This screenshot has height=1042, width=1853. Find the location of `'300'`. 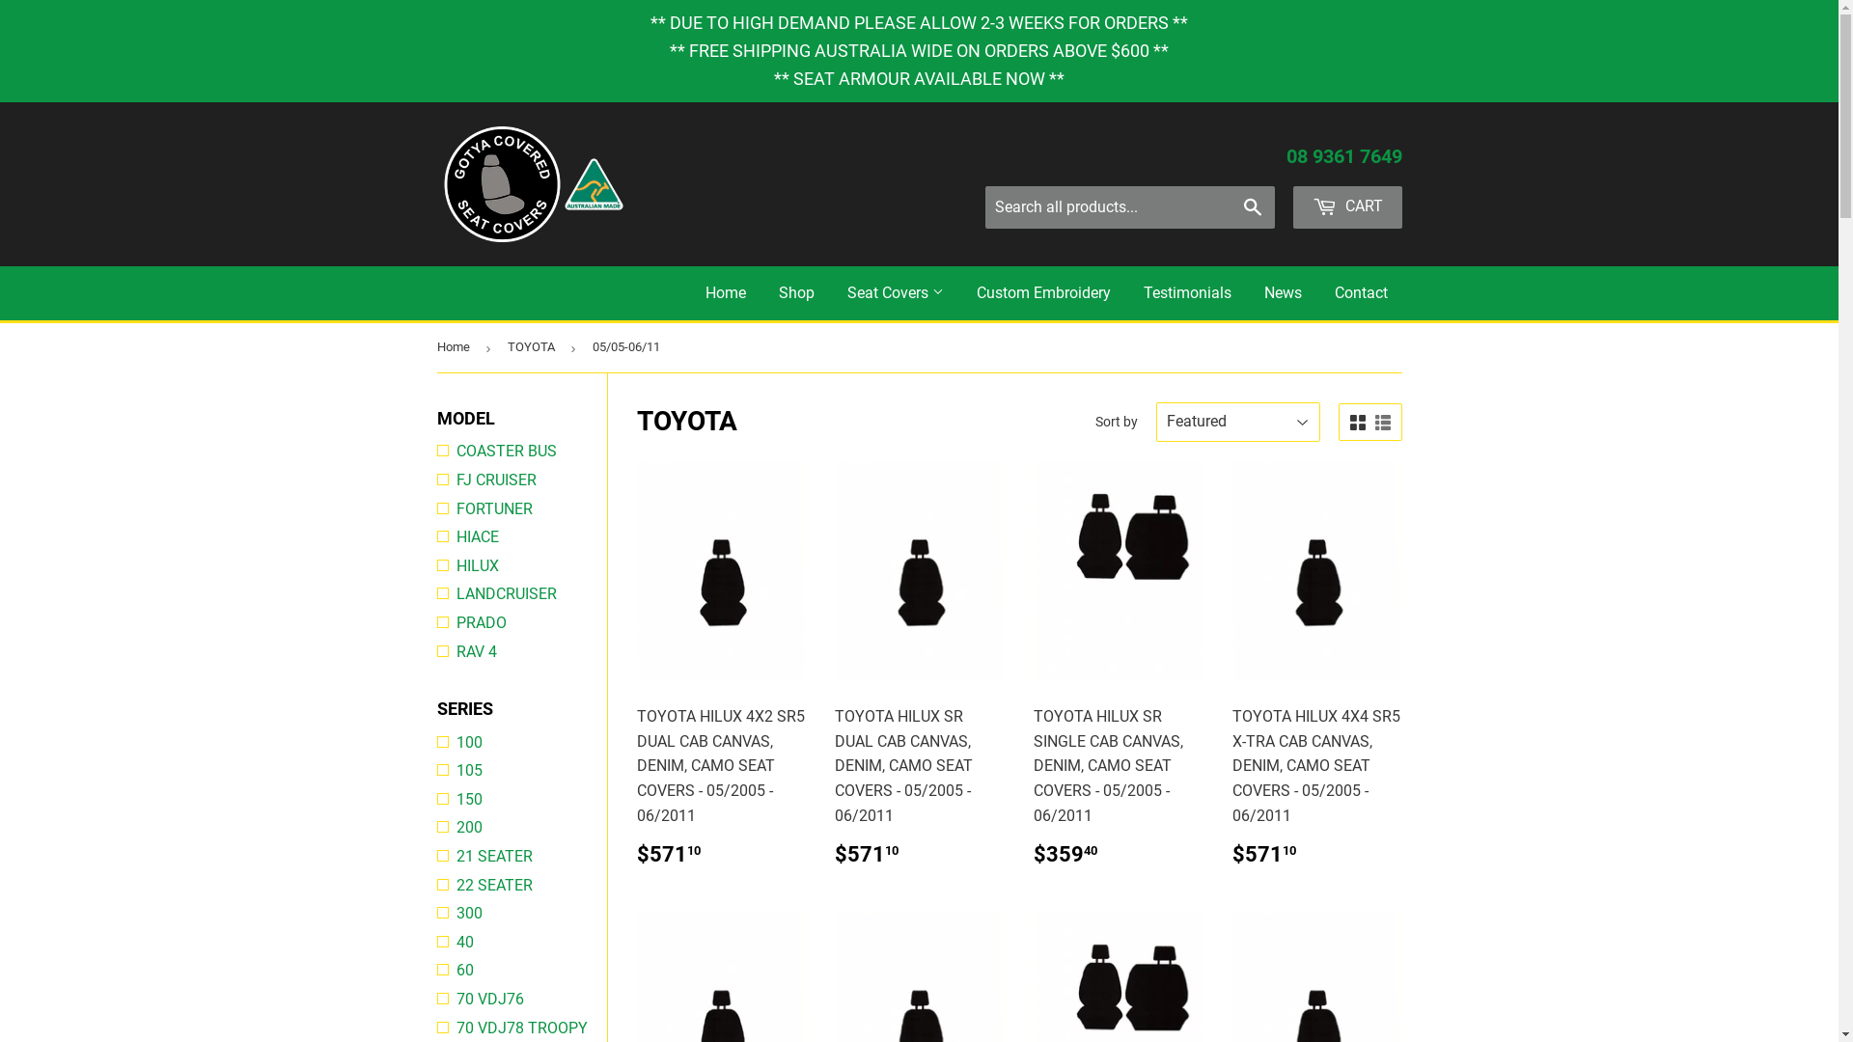

'300' is located at coordinates (520, 913).